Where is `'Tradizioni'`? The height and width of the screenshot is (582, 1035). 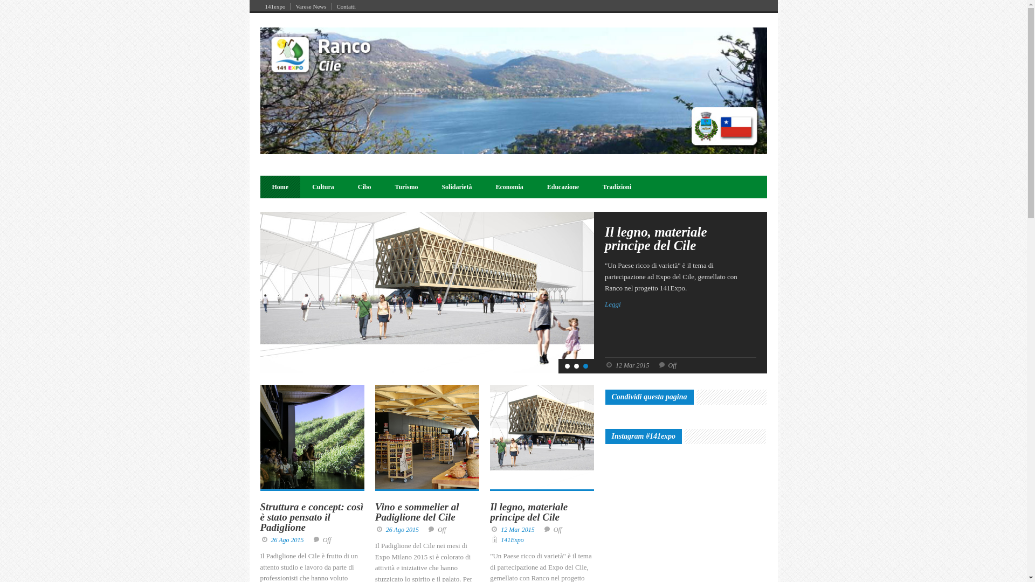
'Tradizioni' is located at coordinates (617, 186).